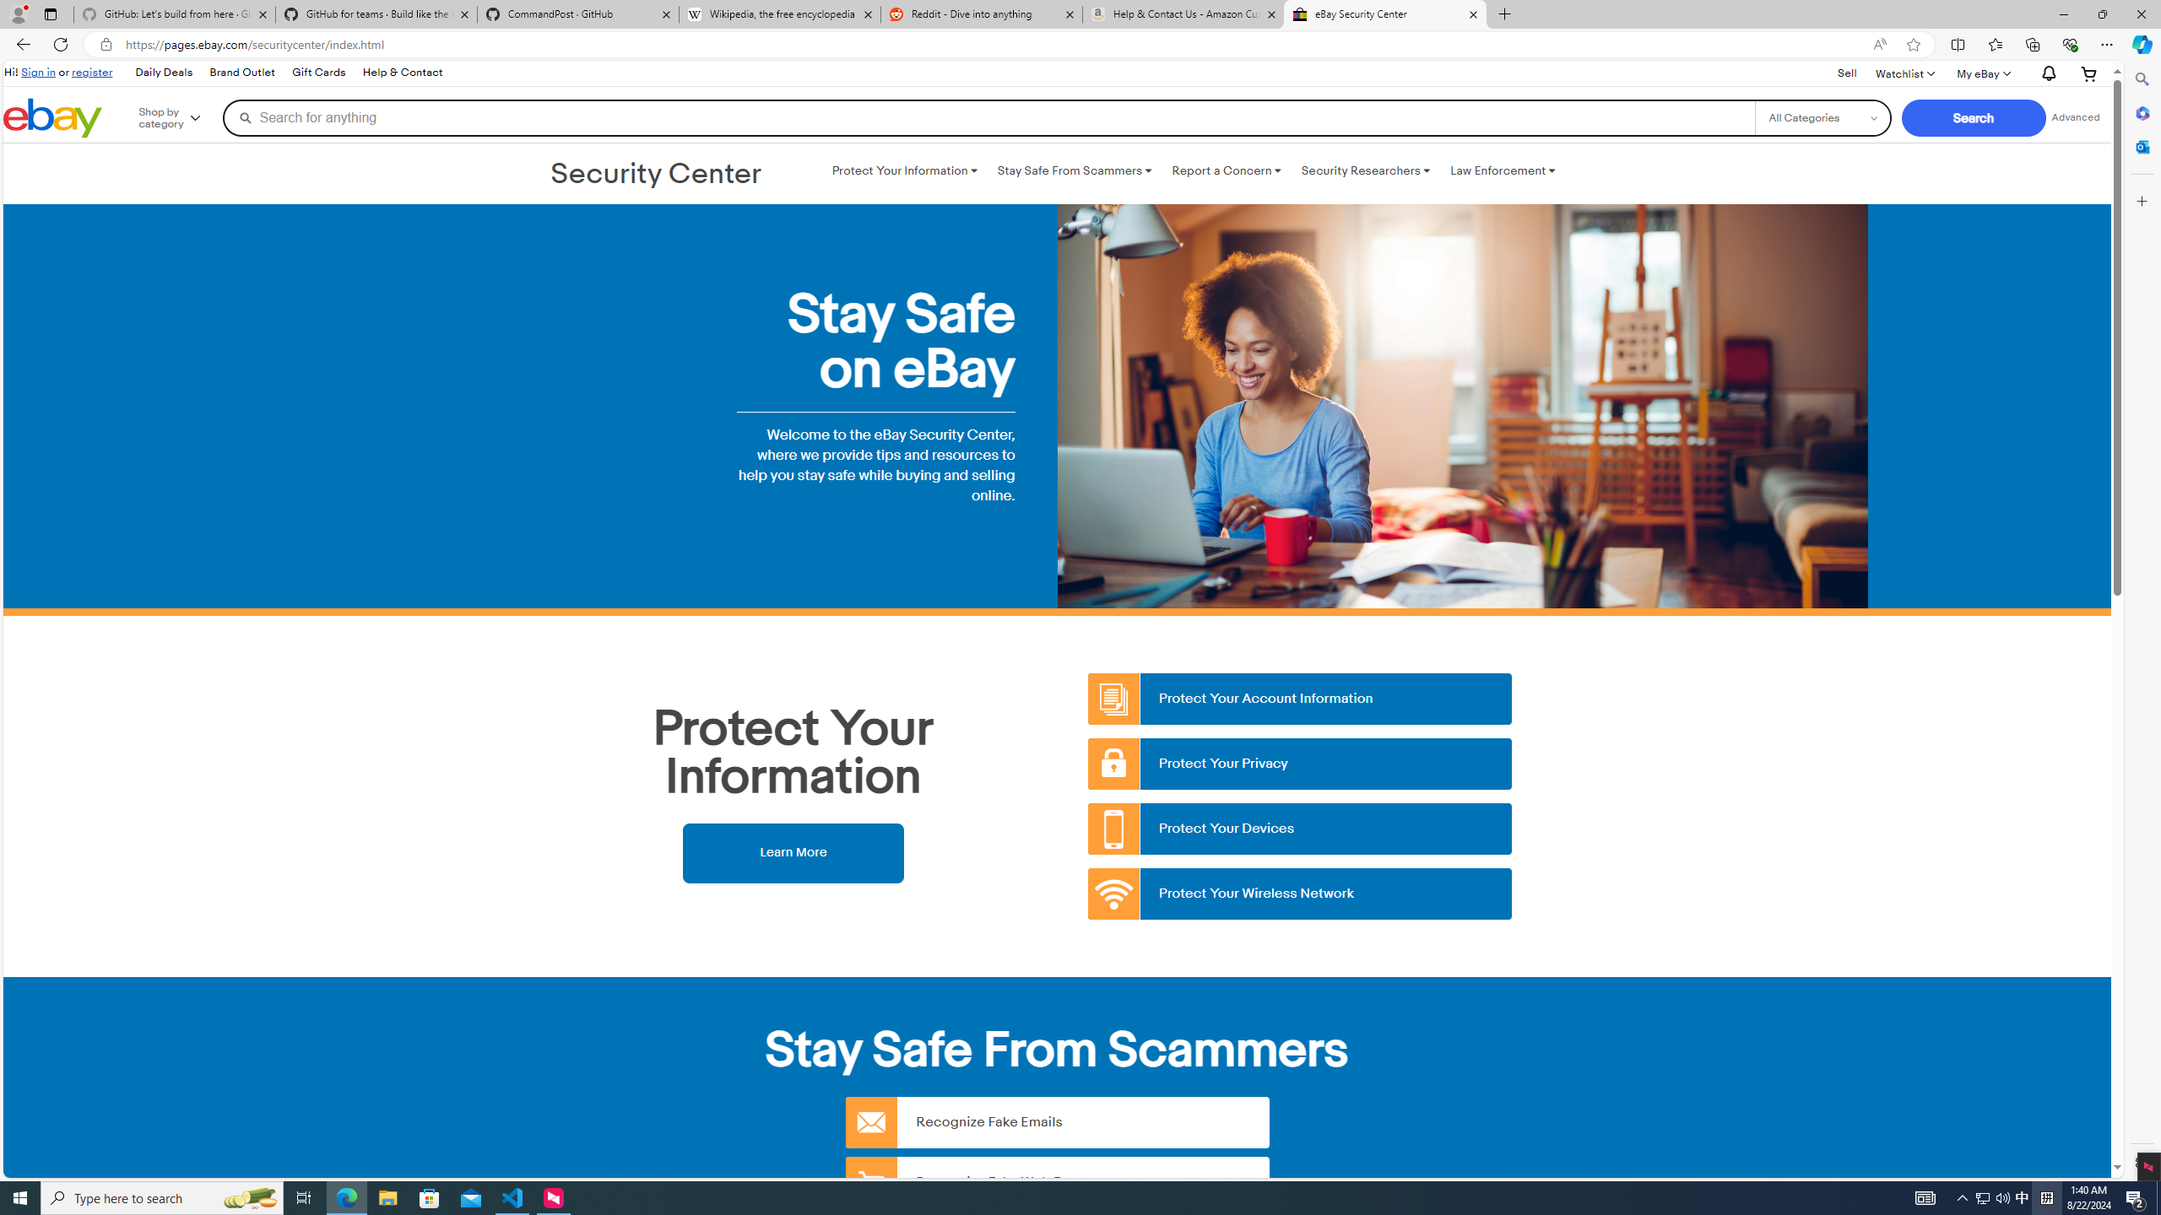 The image size is (2161, 1215). Describe the element at coordinates (988, 116) in the screenshot. I see `'Search for anything'` at that location.